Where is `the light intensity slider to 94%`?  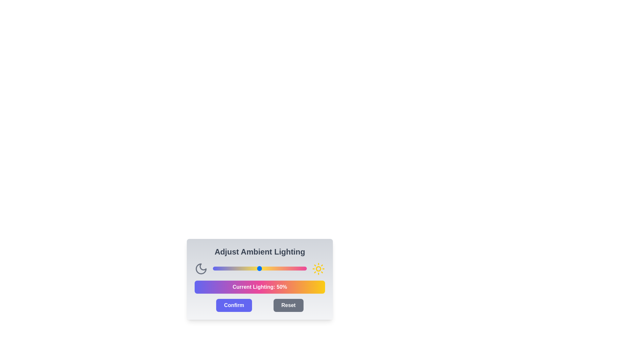 the light intensity slider to 94% is located at coordinates (301, 269).